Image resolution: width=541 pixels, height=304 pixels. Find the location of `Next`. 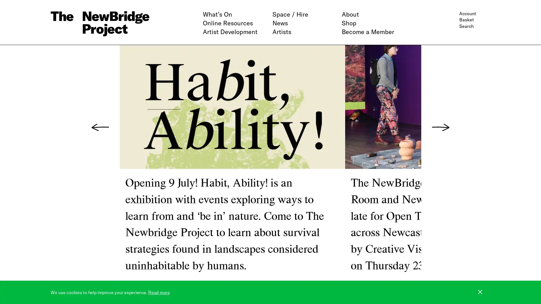

Next is located at coordinates (440, 127).